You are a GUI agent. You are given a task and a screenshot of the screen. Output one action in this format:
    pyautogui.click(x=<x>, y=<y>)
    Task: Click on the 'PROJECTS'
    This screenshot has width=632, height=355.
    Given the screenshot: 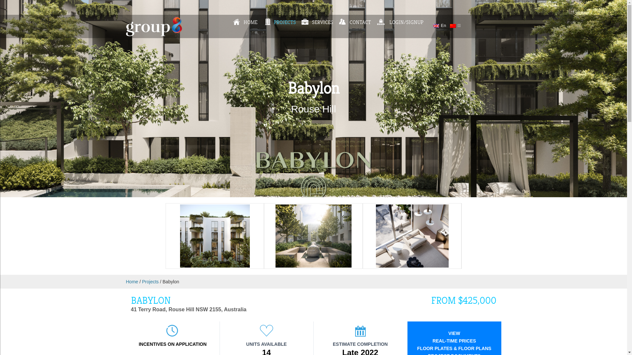 What is the action you would take?
    pyautogui.click(x=263, y=22)
    